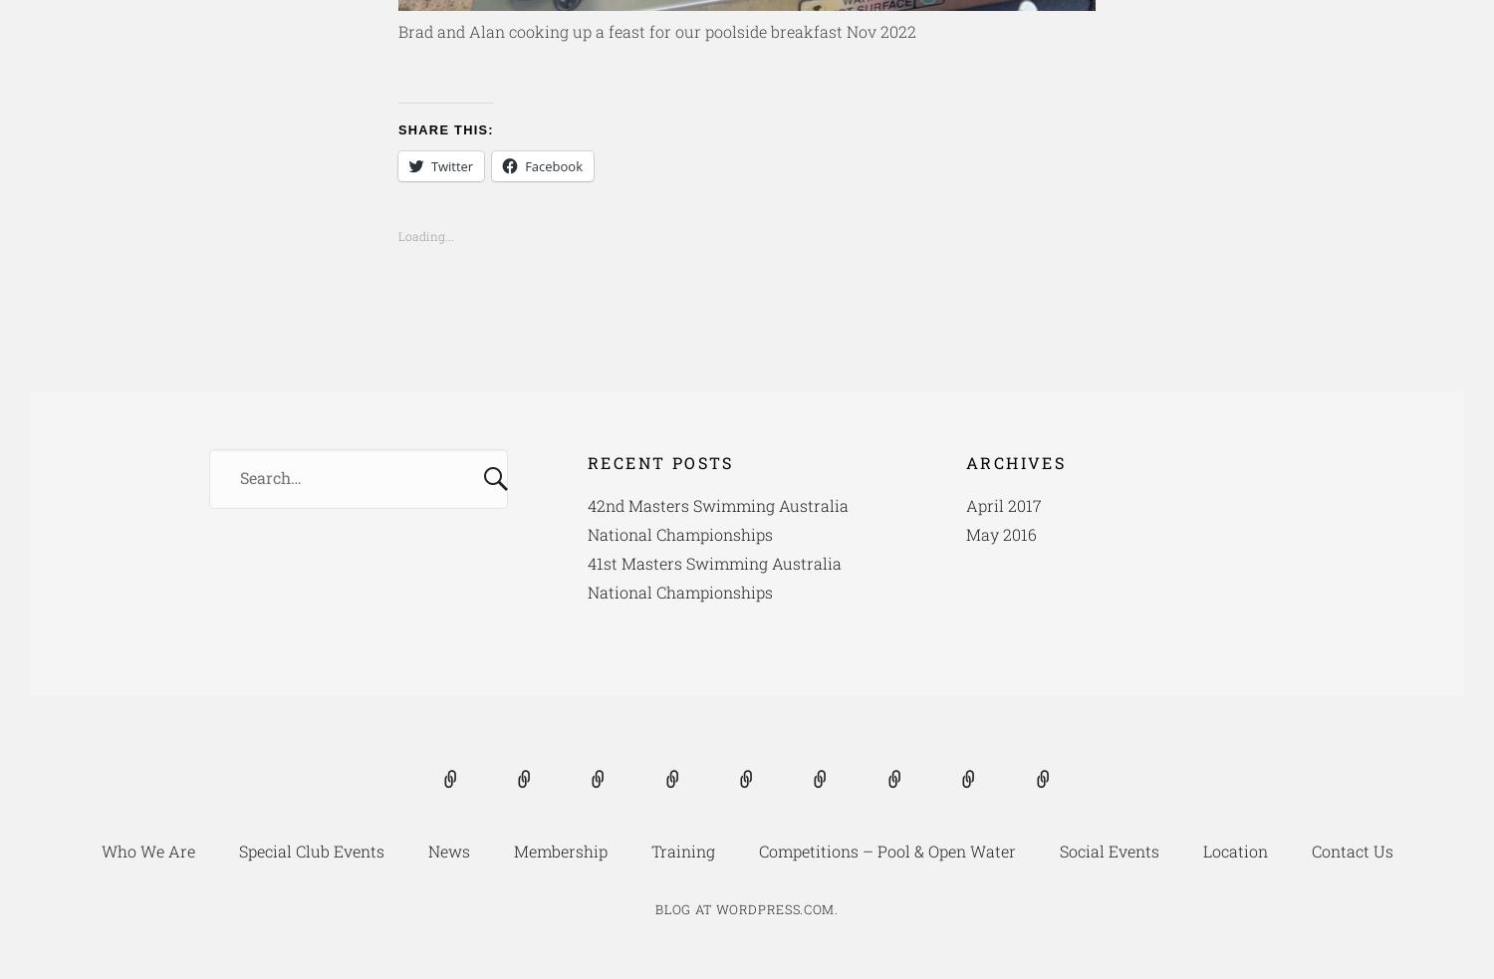 Image resolution: width=1494 pixels, height=979 pixels. Describe the element at coordinates (717, 519) in the screenshot. I see `'42nd Masters Swimming Australia National Championships'` at that location.